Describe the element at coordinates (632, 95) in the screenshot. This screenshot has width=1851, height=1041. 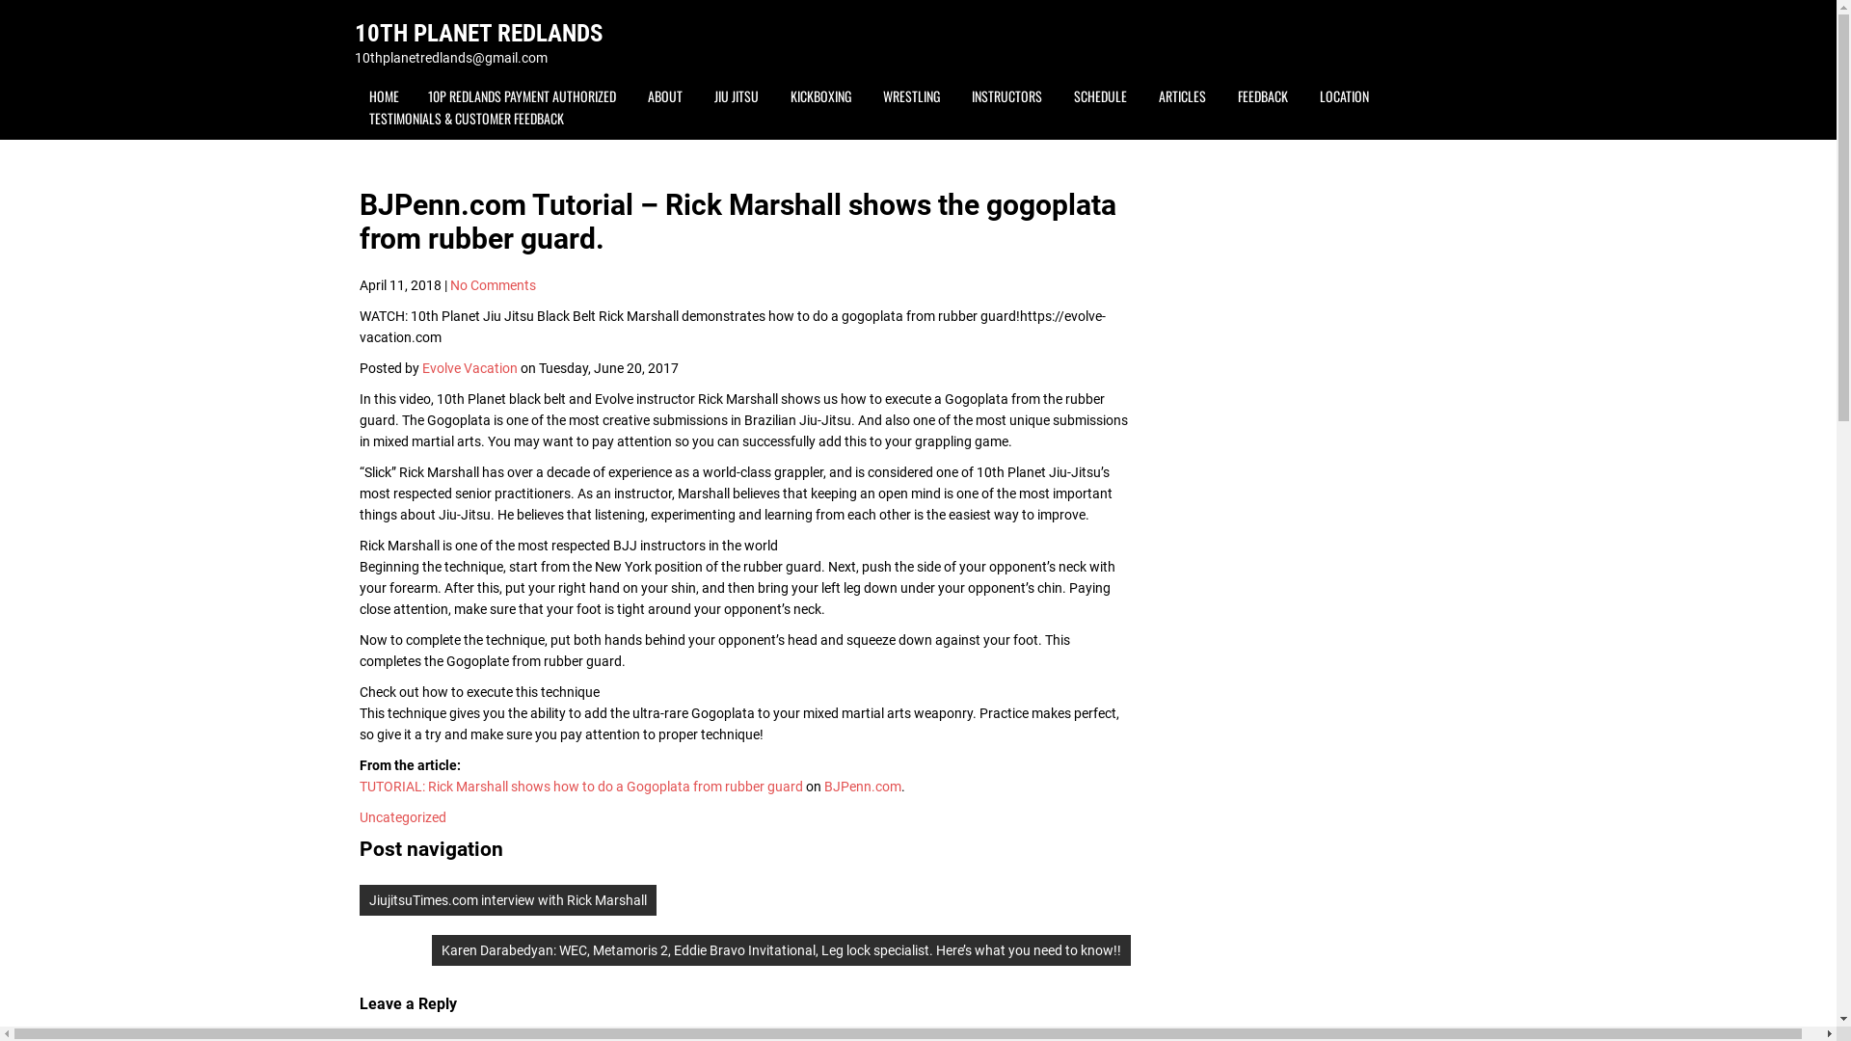
I see `'ABOUT'` at that location.